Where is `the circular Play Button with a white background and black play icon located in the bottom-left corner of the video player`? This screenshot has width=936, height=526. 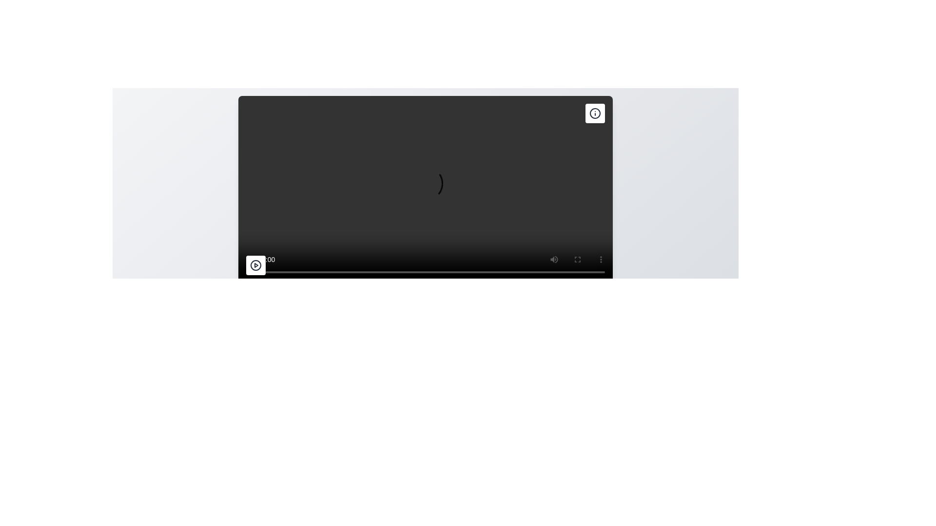
the circular Play Button with a white background and black play icon located in the bottom-left corner of the video player is located at coordinates (255, 265).